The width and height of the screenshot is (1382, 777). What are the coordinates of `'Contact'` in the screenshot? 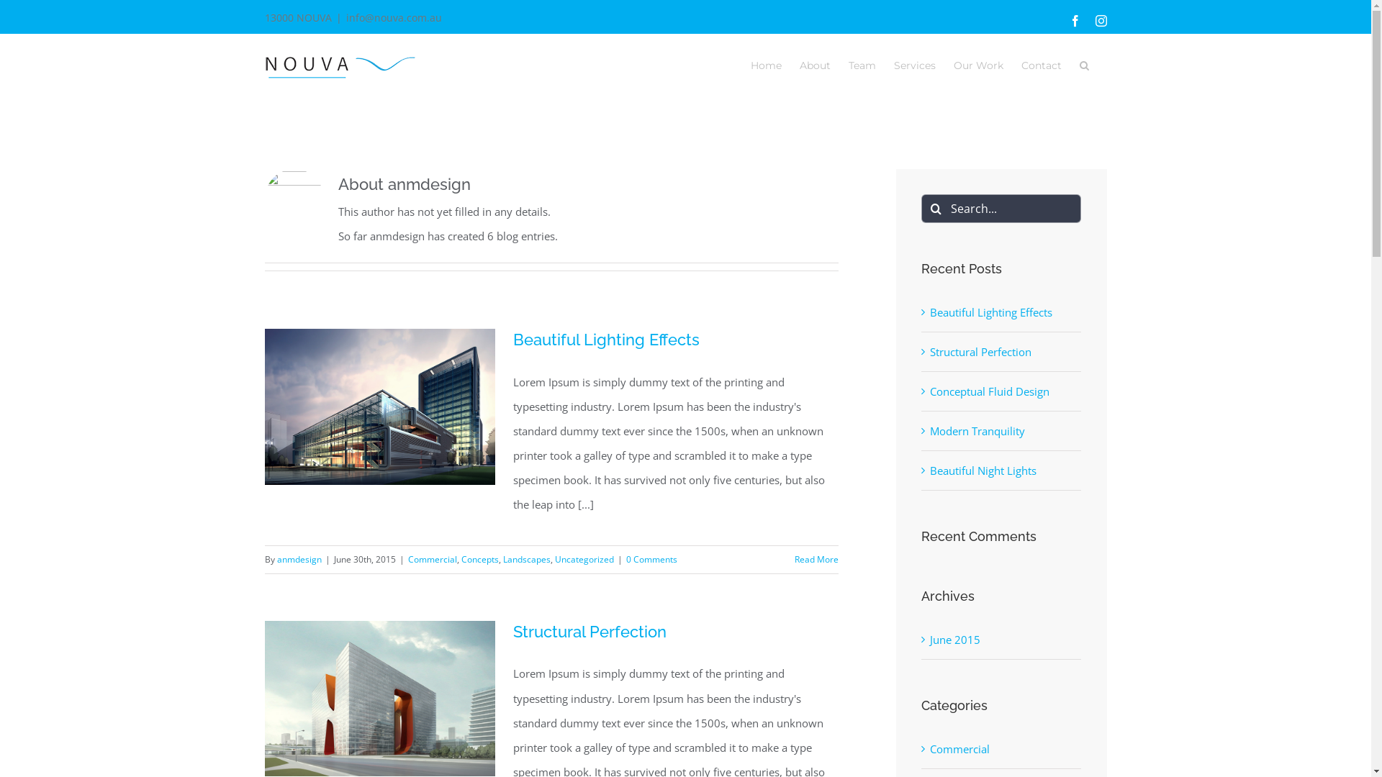 It's located at (1040, 63).